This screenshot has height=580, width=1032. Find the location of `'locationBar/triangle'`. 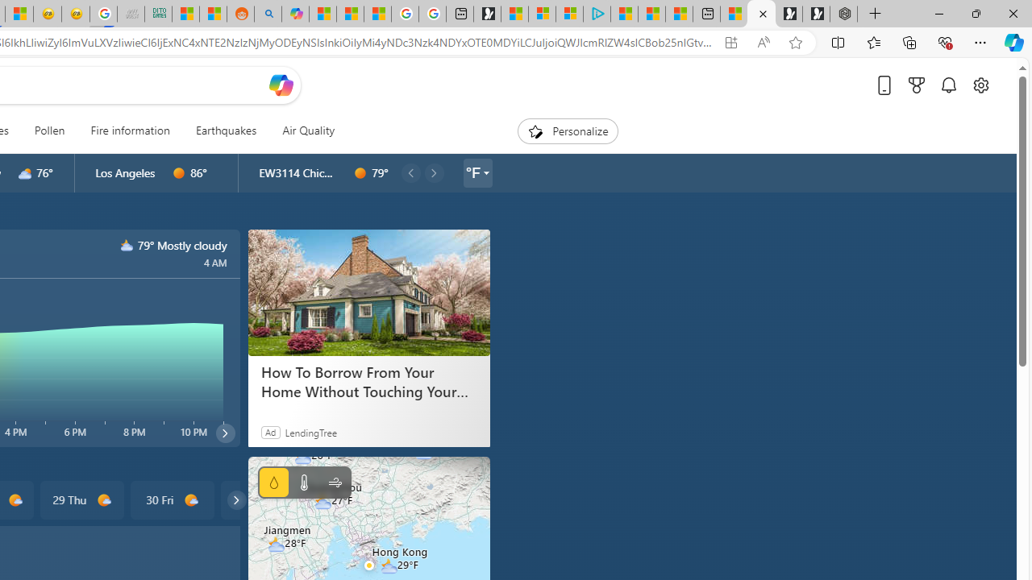

'locationBar/triangle' is located at coordinates (485, 172).